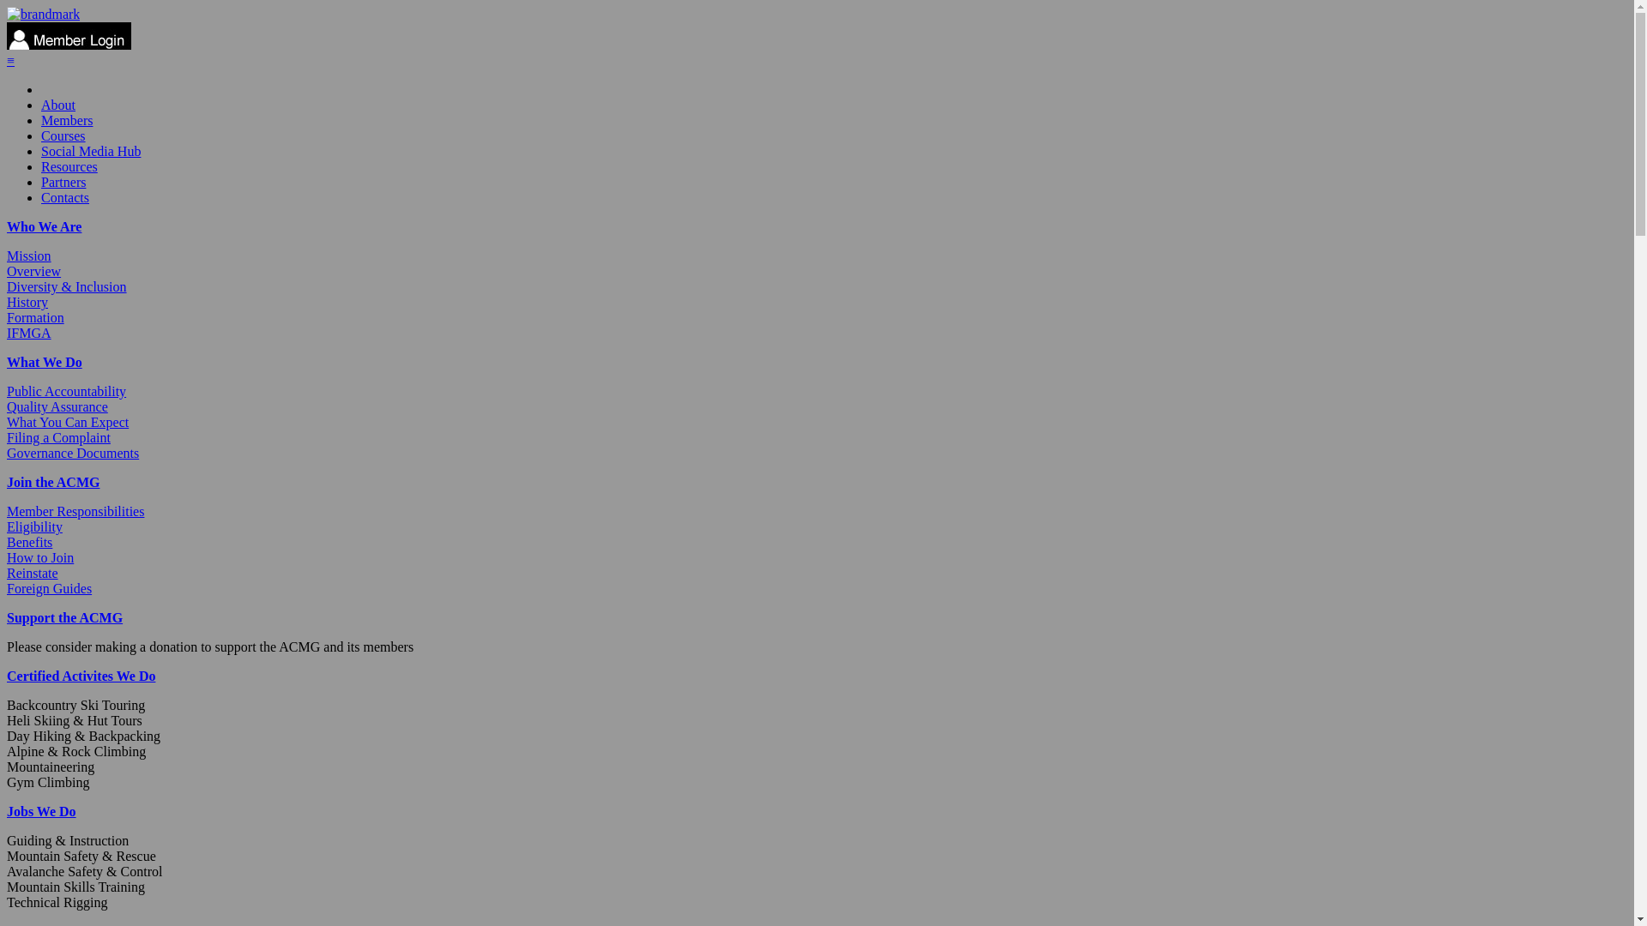 This screenshot has height=926, width=1647. What do you see at coordinates (28, 333) in the screenshot?
I see `'IFMGA'` at bounding box center [28, 333].